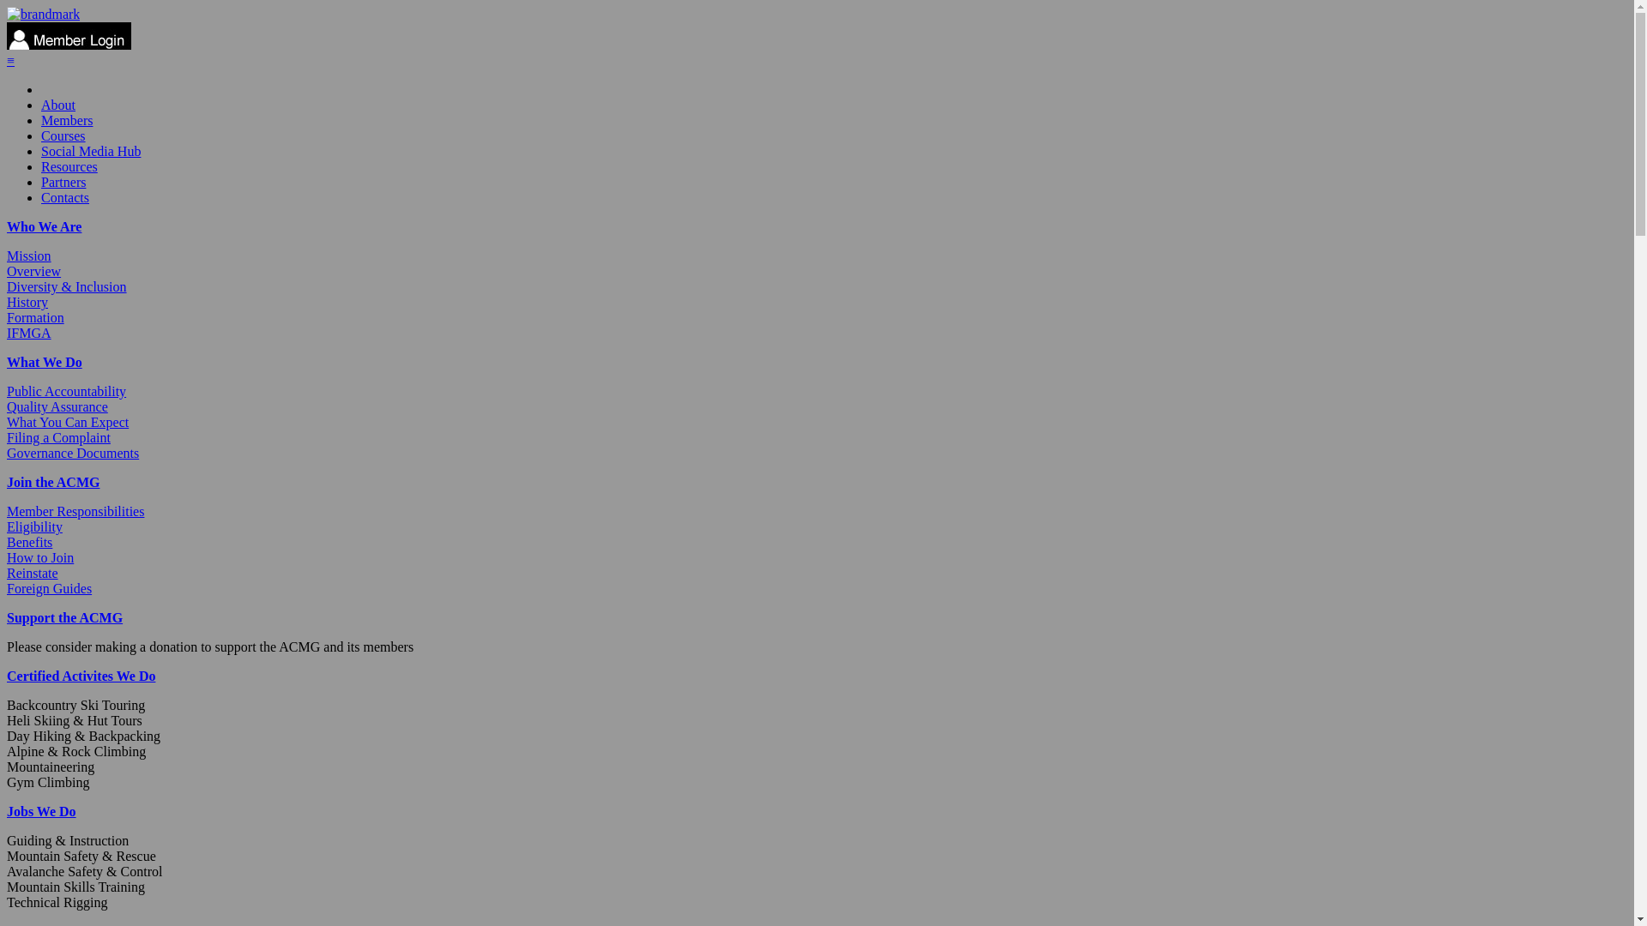 This screenshot has height=926, width=1647. What do you see at coordinates (28, 333) in the screenshot?
I see `'IFMGA'` at bounding box center [28, 333].